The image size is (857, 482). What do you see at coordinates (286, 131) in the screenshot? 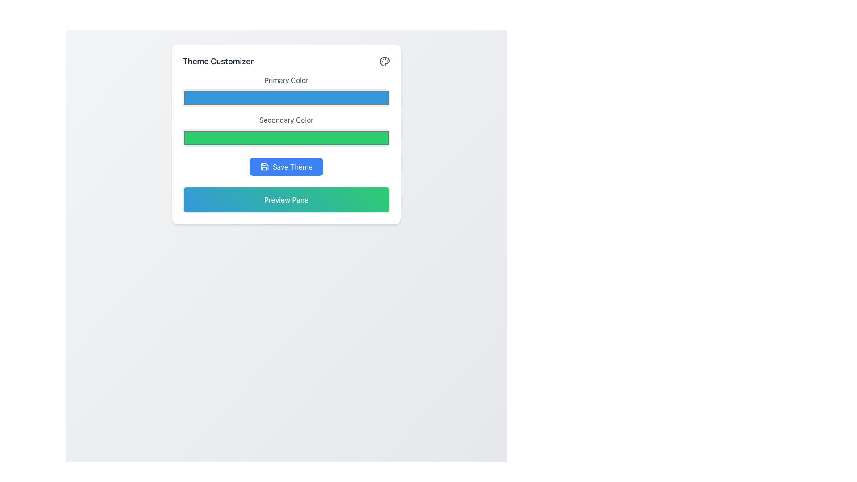
I see `the second color picker in the 'Theme Customizer' section` at bounding box center [286, 131].